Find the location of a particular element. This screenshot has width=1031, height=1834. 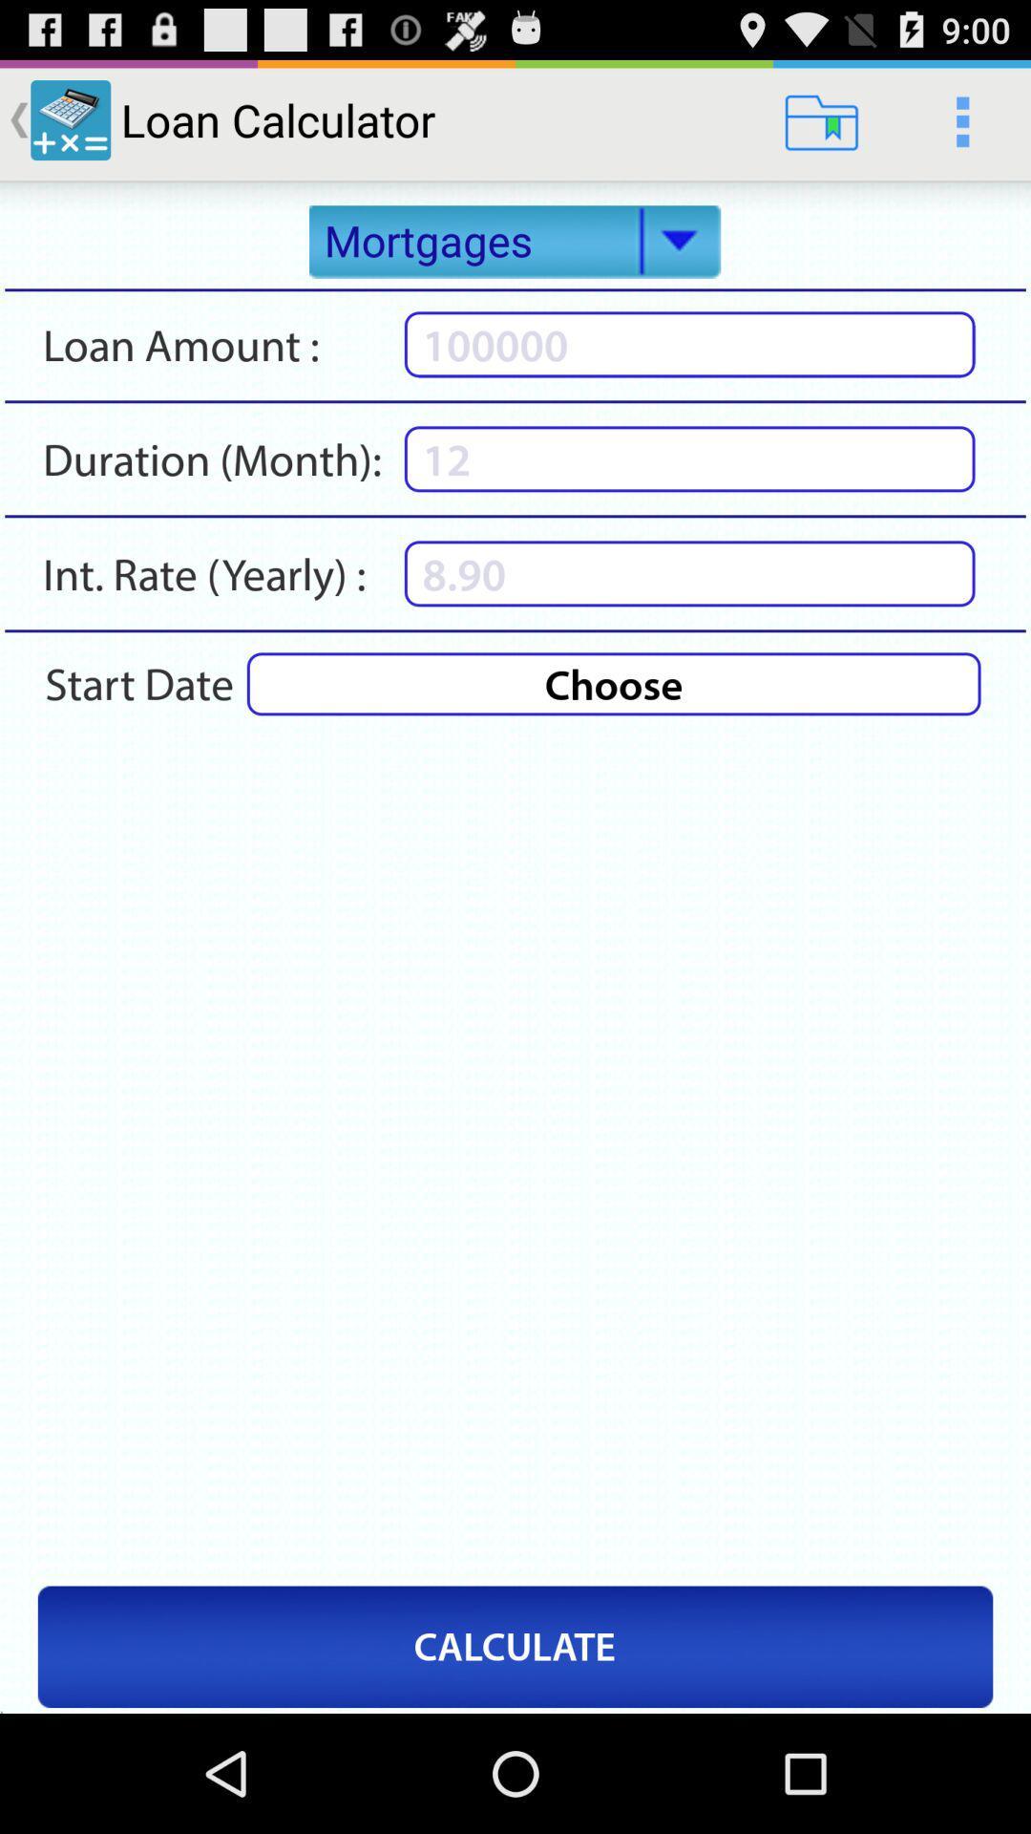

month duration is located at coordinates (689, 458).